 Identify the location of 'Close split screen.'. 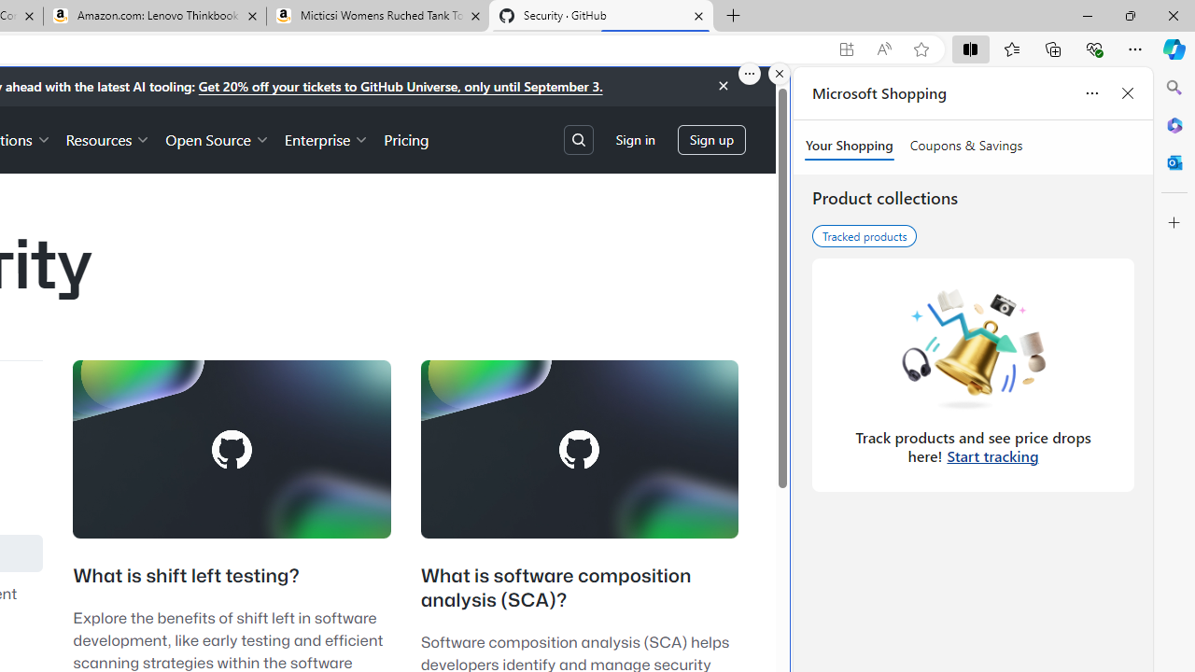
(780, 73).